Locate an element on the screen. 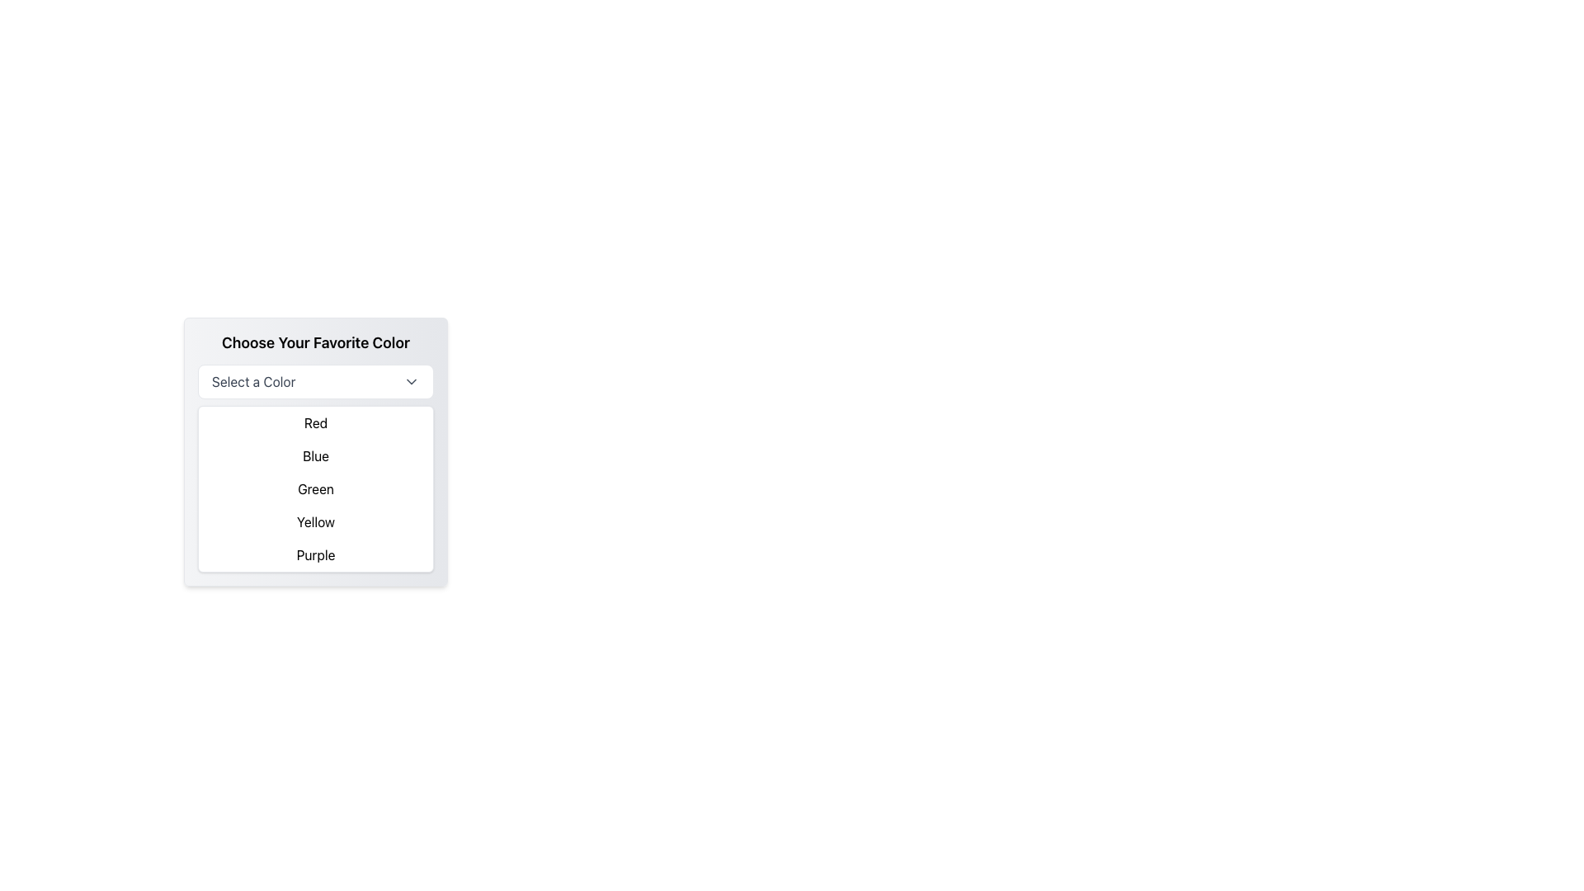 This screenshot has width=1584, height=891. the 'Green' option within the dropdown menu located under 'Choose Your Favorite Color', which is the third item in the list is located at coordinates (316, 488).